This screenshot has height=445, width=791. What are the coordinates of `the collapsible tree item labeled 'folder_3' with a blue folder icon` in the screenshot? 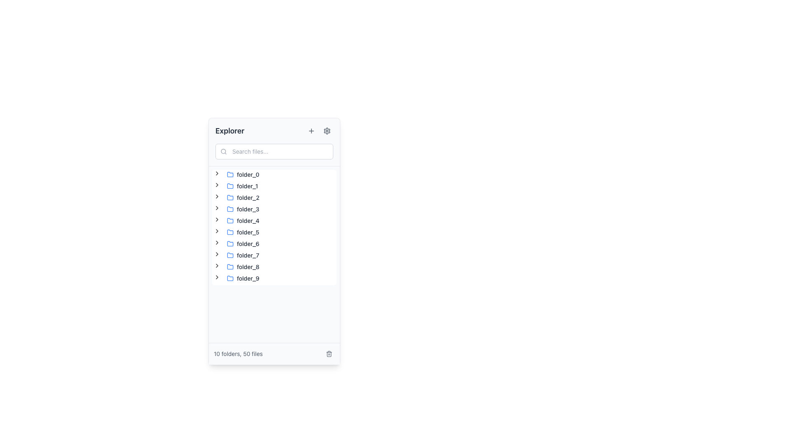 It's located at (237, 209).